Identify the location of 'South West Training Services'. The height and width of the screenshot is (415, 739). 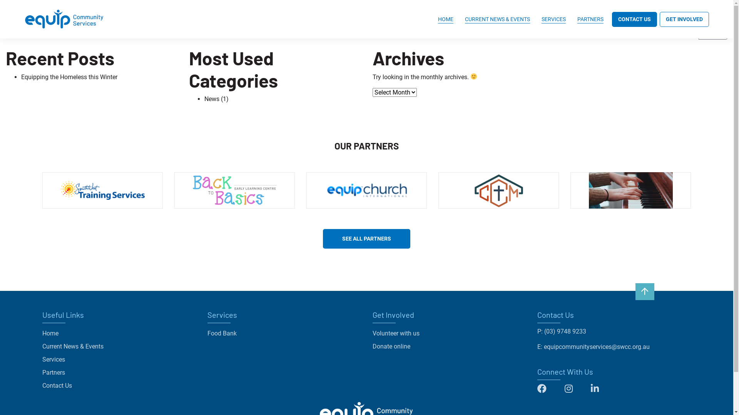
(102, 191).